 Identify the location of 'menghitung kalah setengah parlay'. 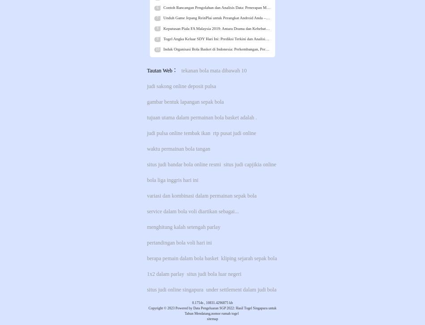
(183, 226).